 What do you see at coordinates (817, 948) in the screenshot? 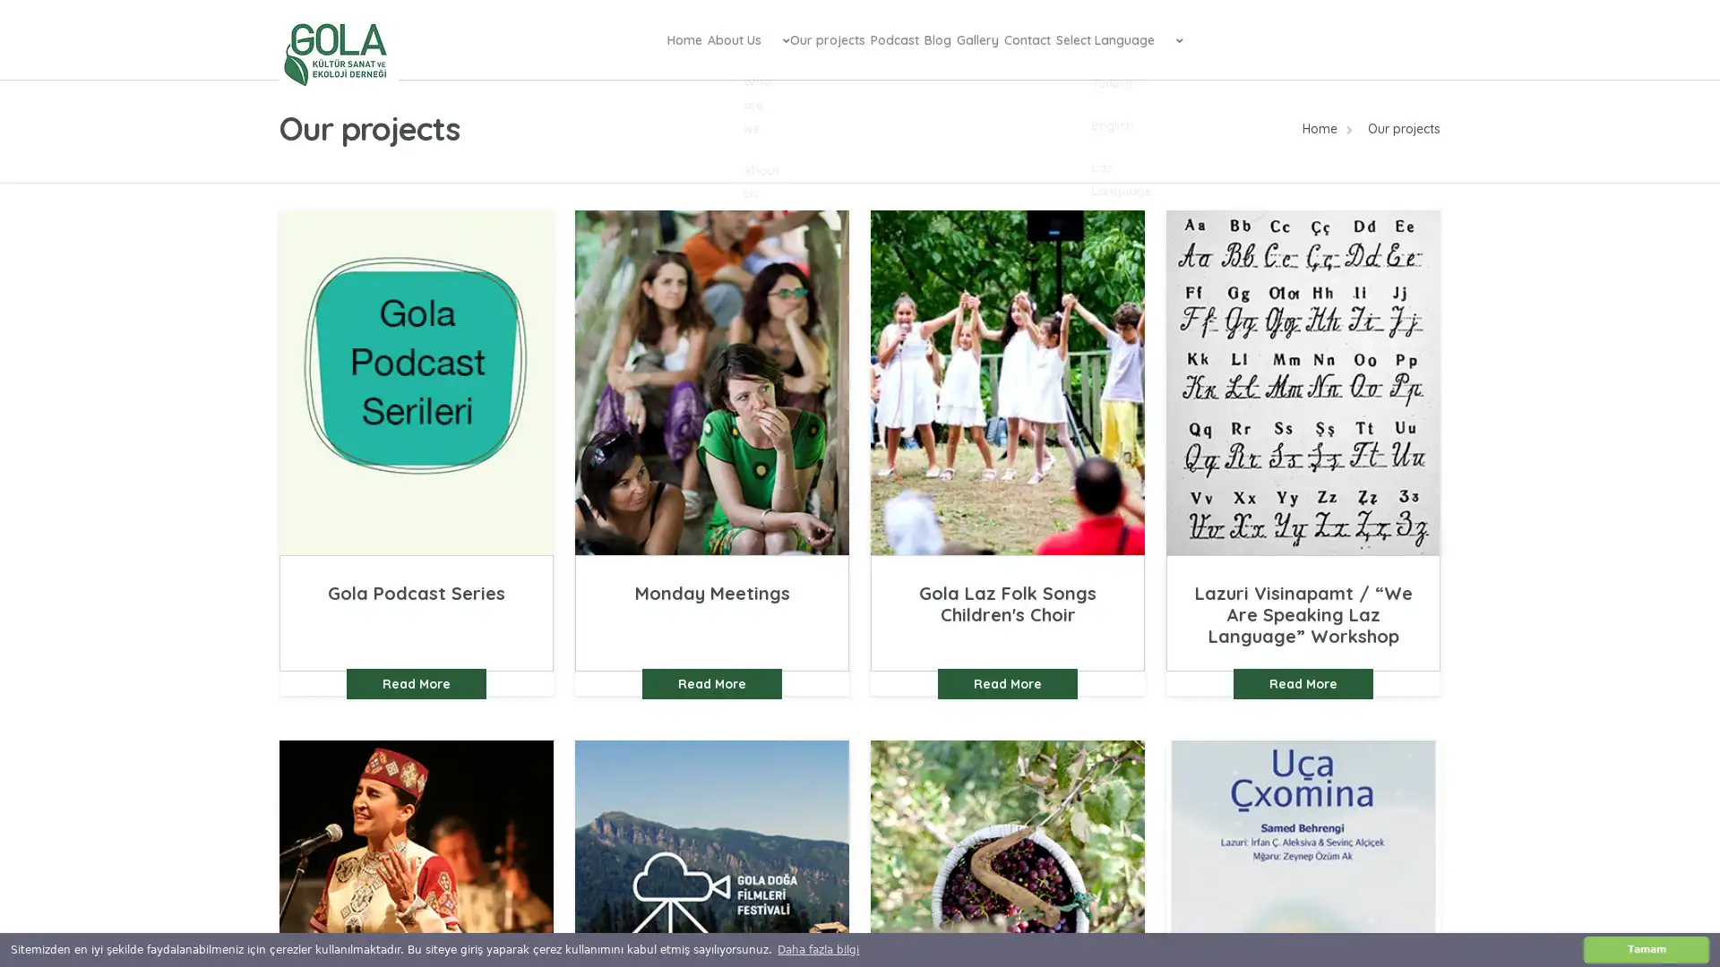
I see `erezler hakknda` at bounding box center [817, 948].